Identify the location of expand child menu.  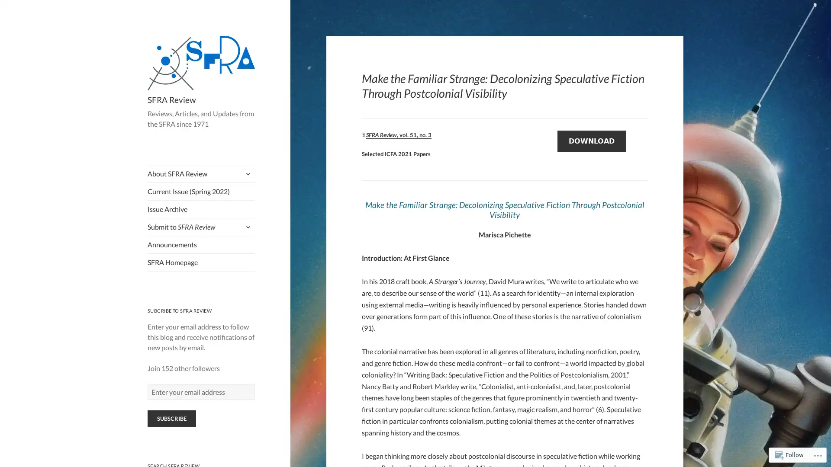
(247, 226).